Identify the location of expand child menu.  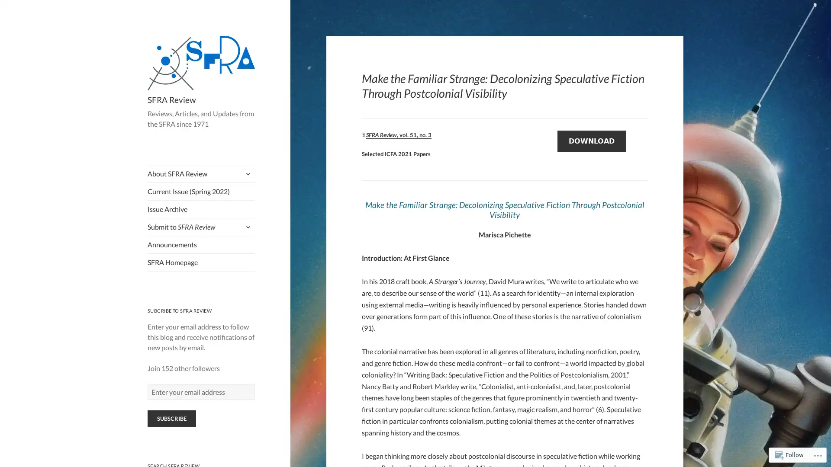
(247, 226).